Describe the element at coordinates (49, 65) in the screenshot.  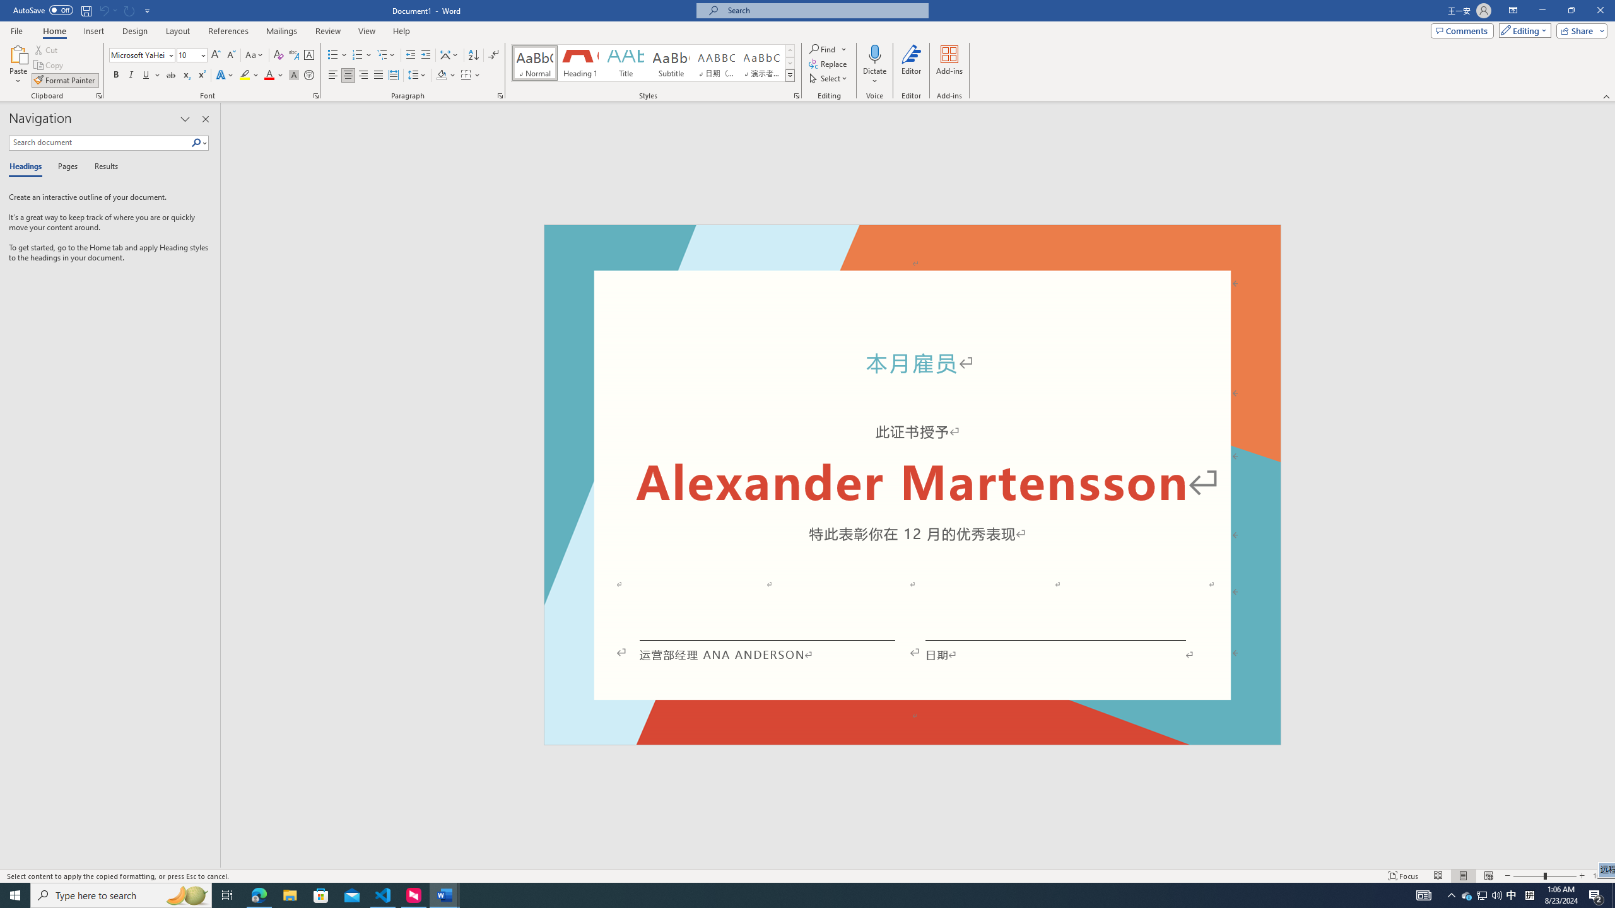
I see `'Copy'` at that location.